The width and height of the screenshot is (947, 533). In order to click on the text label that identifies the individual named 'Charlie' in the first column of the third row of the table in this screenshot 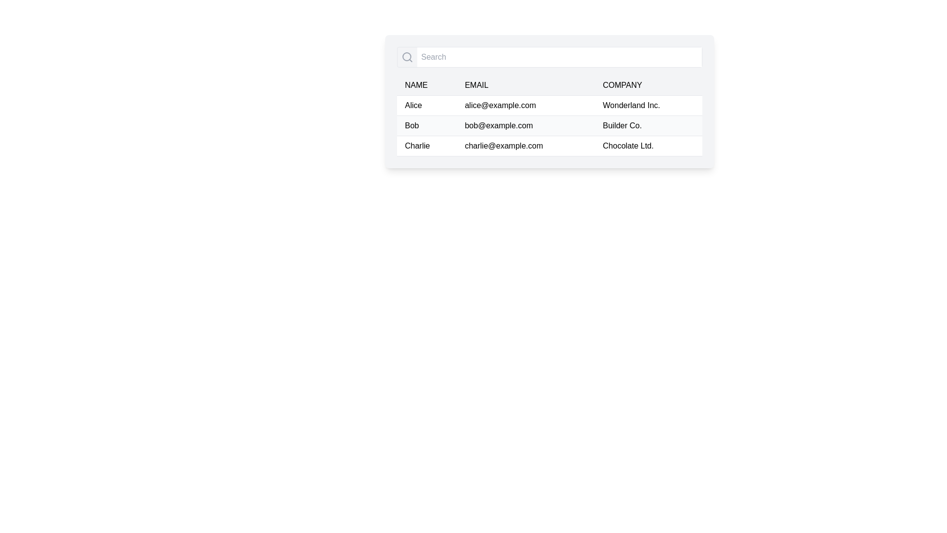, I will do `click(427, 146)`.